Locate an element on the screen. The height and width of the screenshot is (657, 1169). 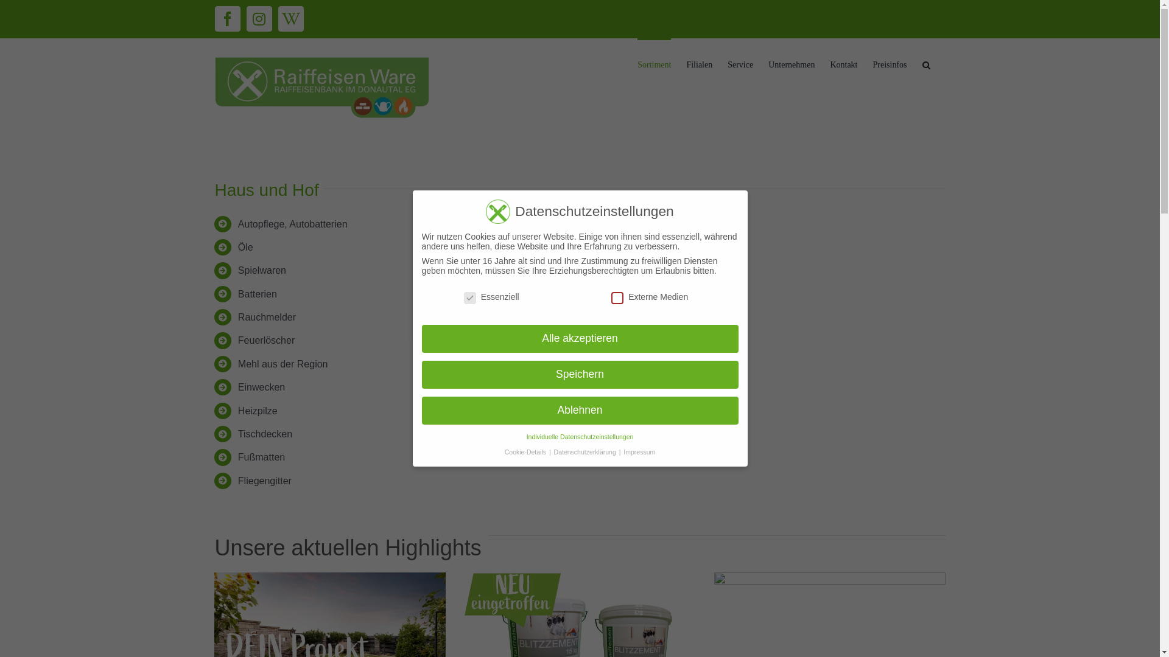
'Impressum' is located at coordinates (639, 451).